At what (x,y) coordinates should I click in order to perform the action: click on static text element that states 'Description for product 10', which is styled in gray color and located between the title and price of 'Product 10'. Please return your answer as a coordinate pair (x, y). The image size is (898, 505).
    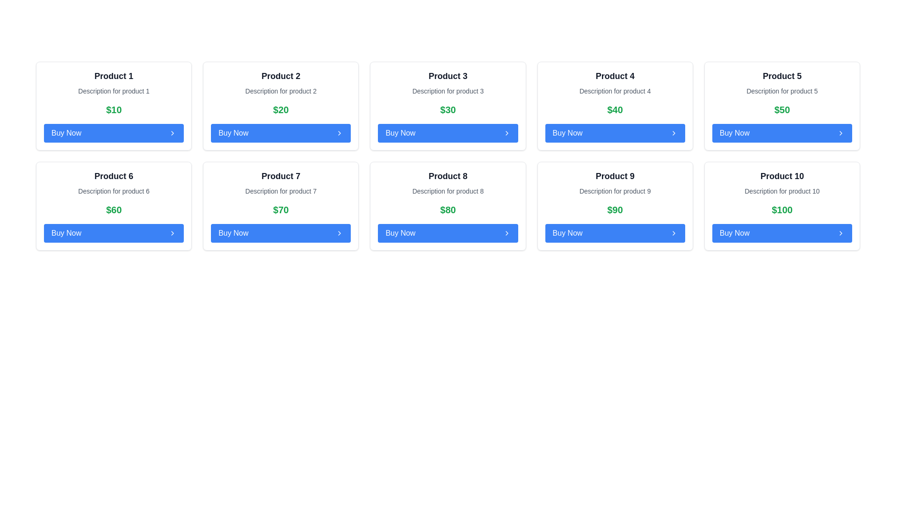
    Looking at the image, I should click on (782, 190).